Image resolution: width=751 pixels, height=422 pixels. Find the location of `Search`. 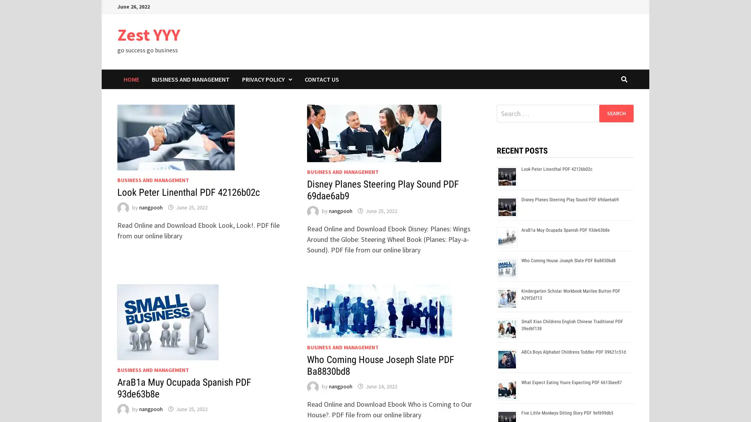

Search is located at coordinates (616, 113).